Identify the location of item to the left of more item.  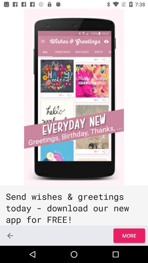
(10, 235).